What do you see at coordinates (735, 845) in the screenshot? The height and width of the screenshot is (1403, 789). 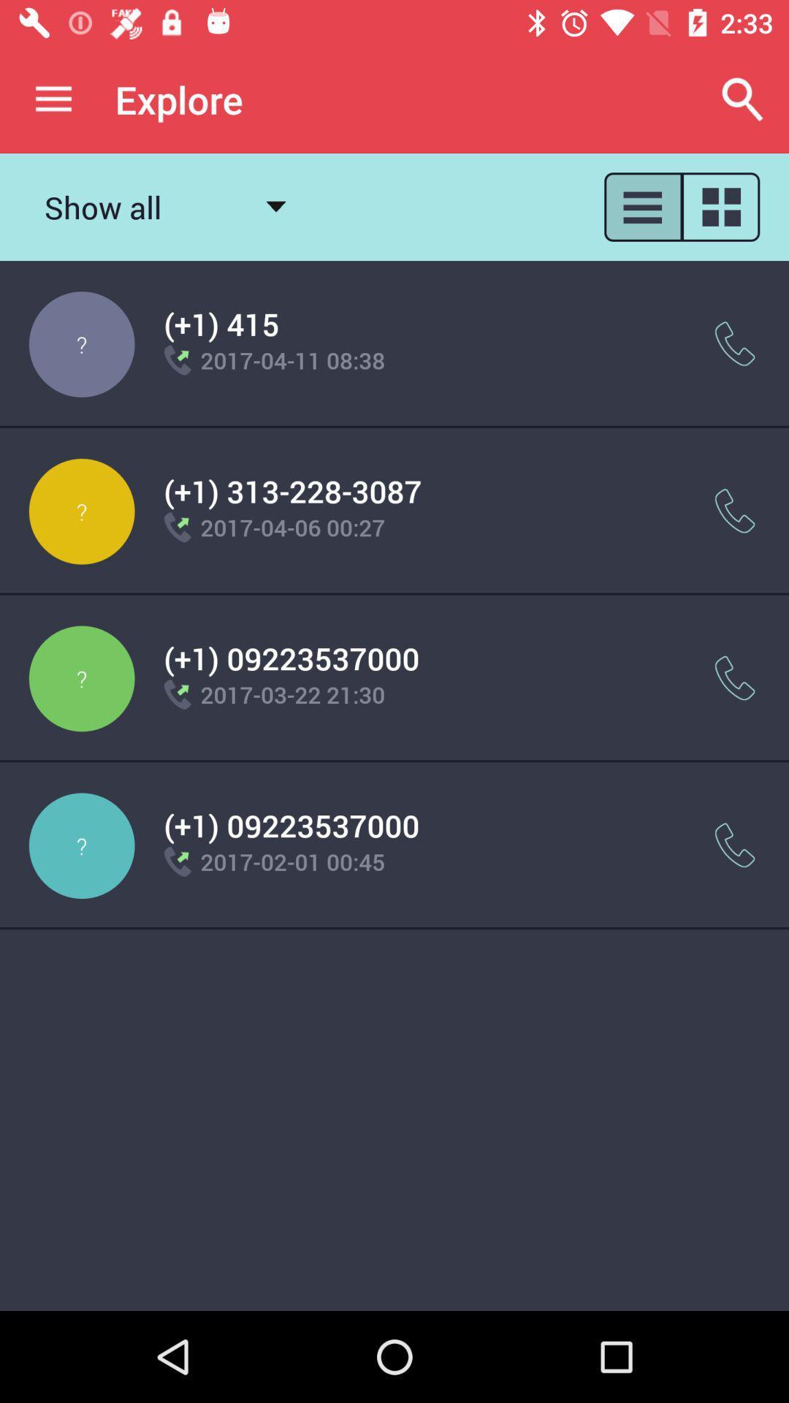 I see `the item to the right of (+1) 09223537000 item` at bounding box center [735, 845].